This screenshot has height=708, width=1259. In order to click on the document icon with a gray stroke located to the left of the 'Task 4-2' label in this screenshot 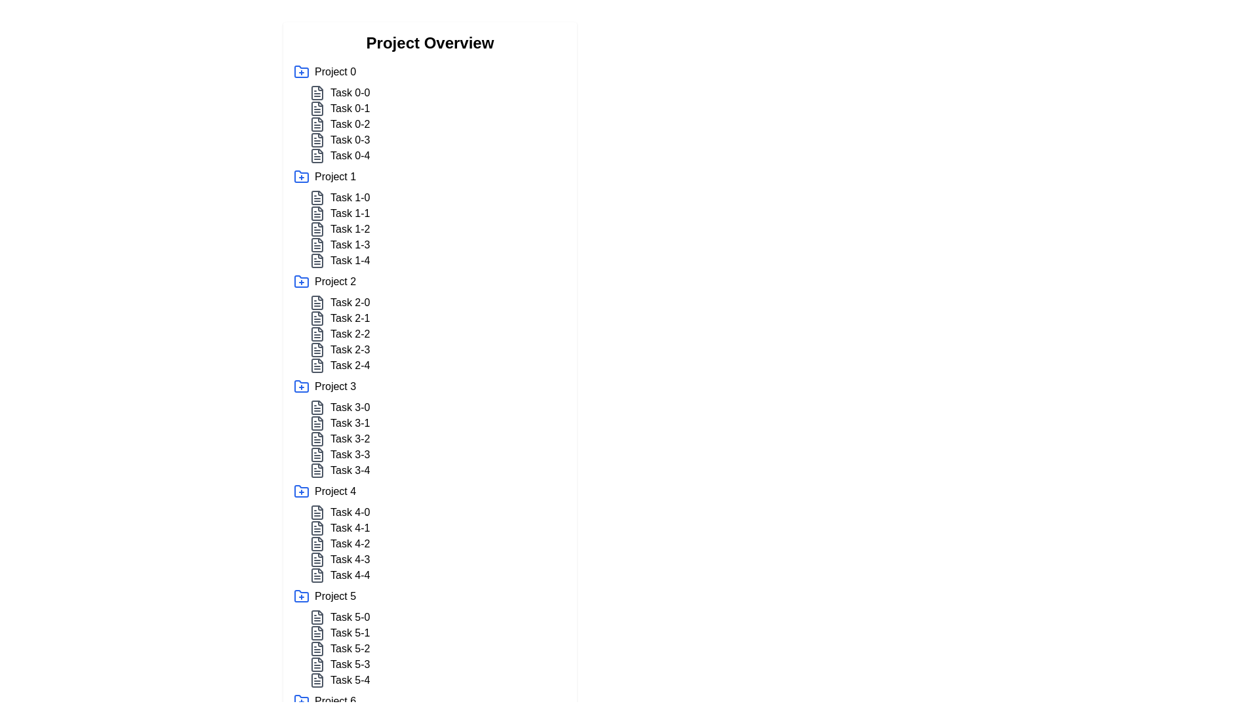, I will do `click(317, 543)`.